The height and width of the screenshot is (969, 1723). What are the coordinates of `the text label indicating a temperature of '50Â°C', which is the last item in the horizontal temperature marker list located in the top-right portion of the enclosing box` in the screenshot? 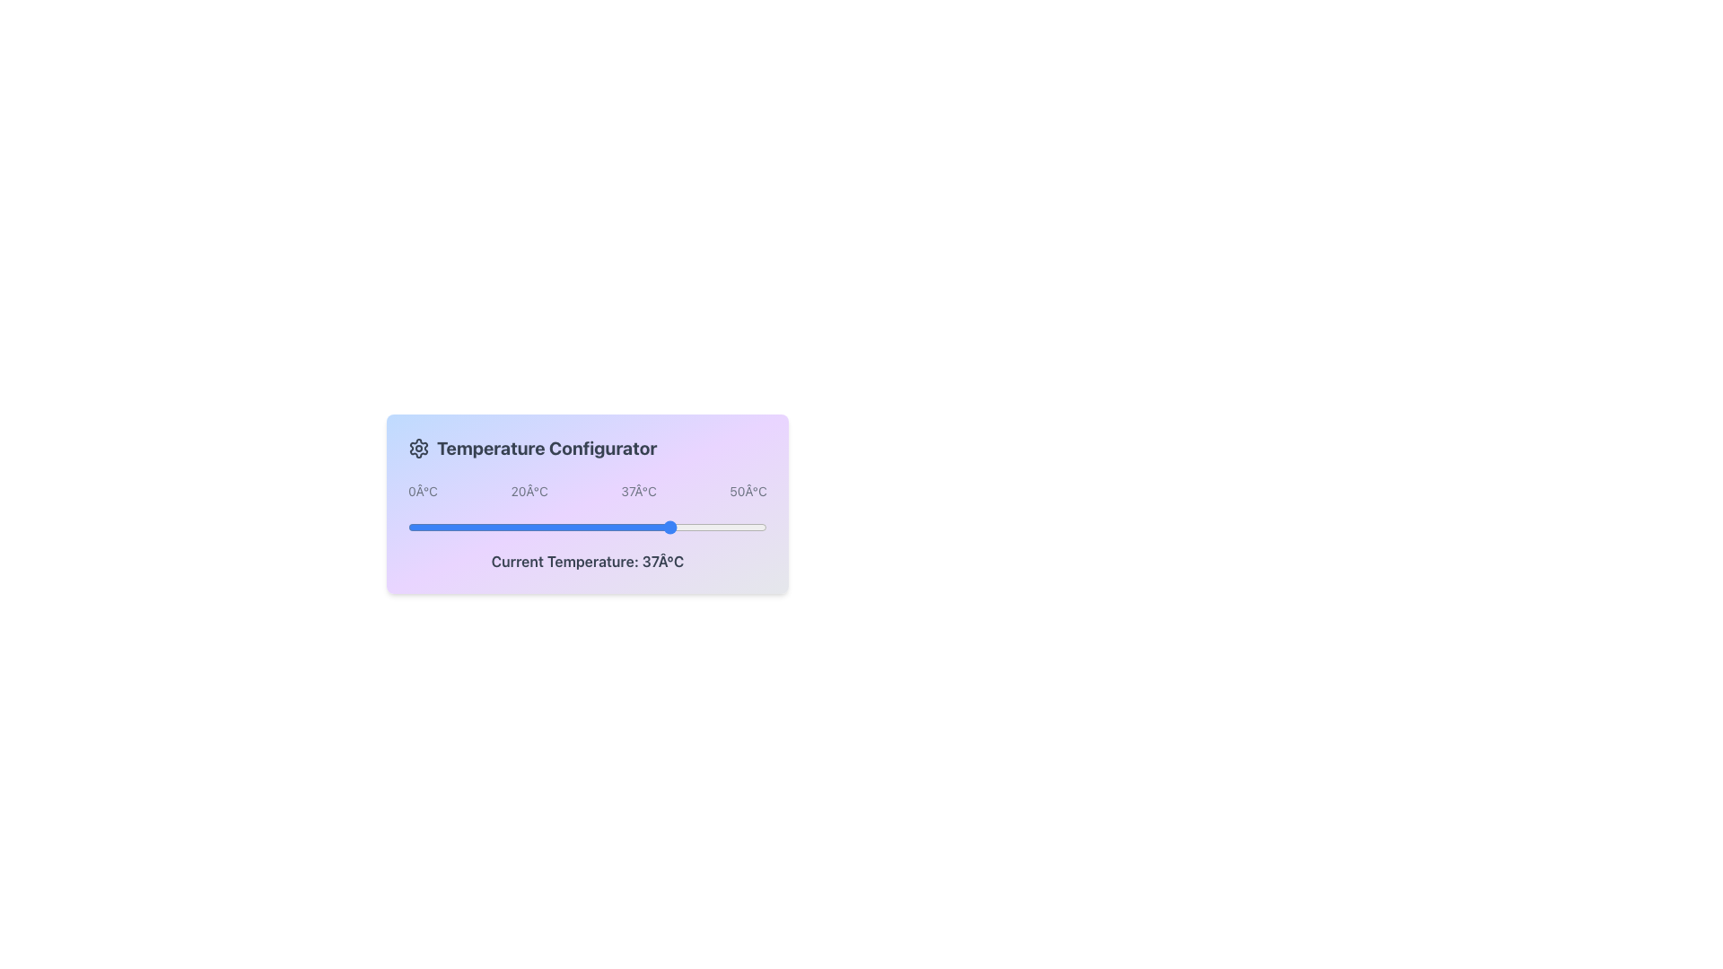 It's located at (748, 491).